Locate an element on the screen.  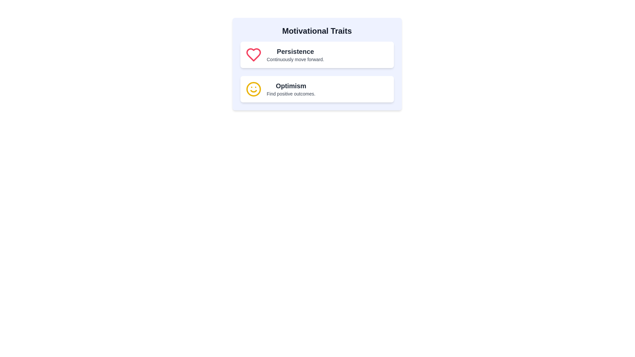
the informational card displaying the motivational trait 'Persistence' located at the top of the motivational traits section is located at coordinates (317, 54).